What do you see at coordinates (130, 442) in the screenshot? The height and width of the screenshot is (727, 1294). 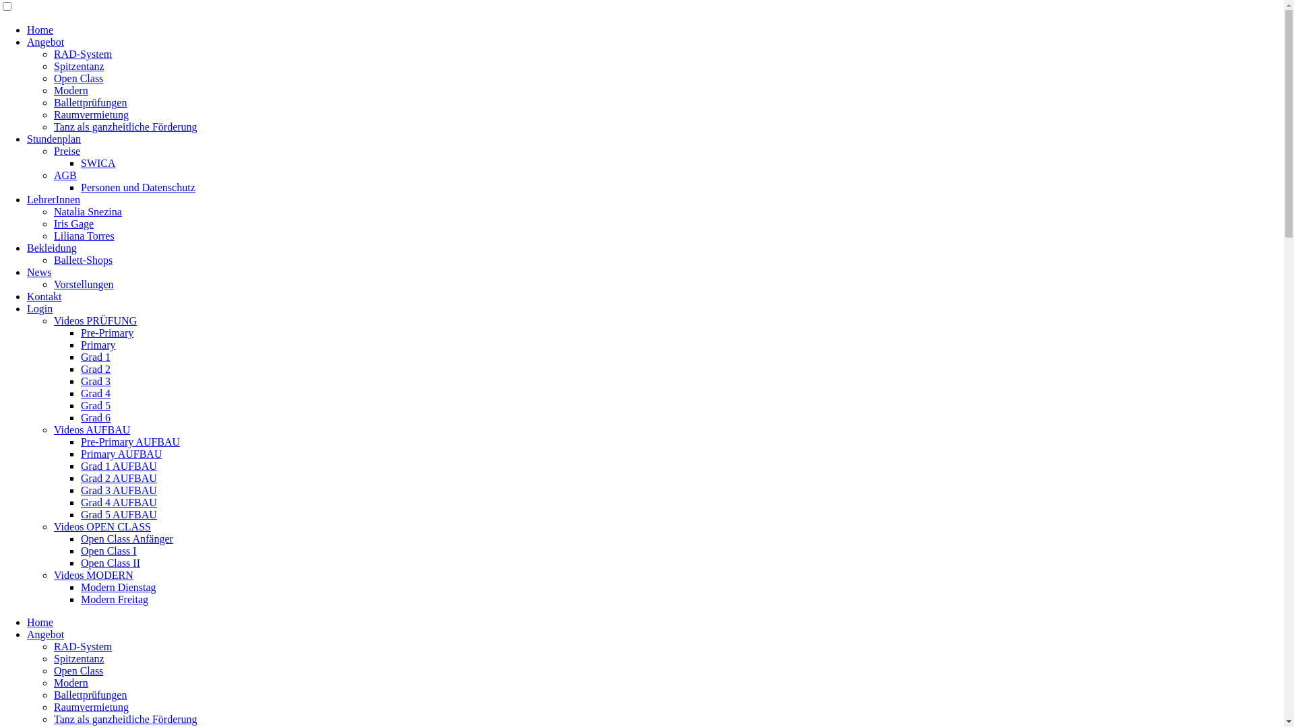 I see `'Pre-Primary AUFBAU'` at bounding box center [130, 442].